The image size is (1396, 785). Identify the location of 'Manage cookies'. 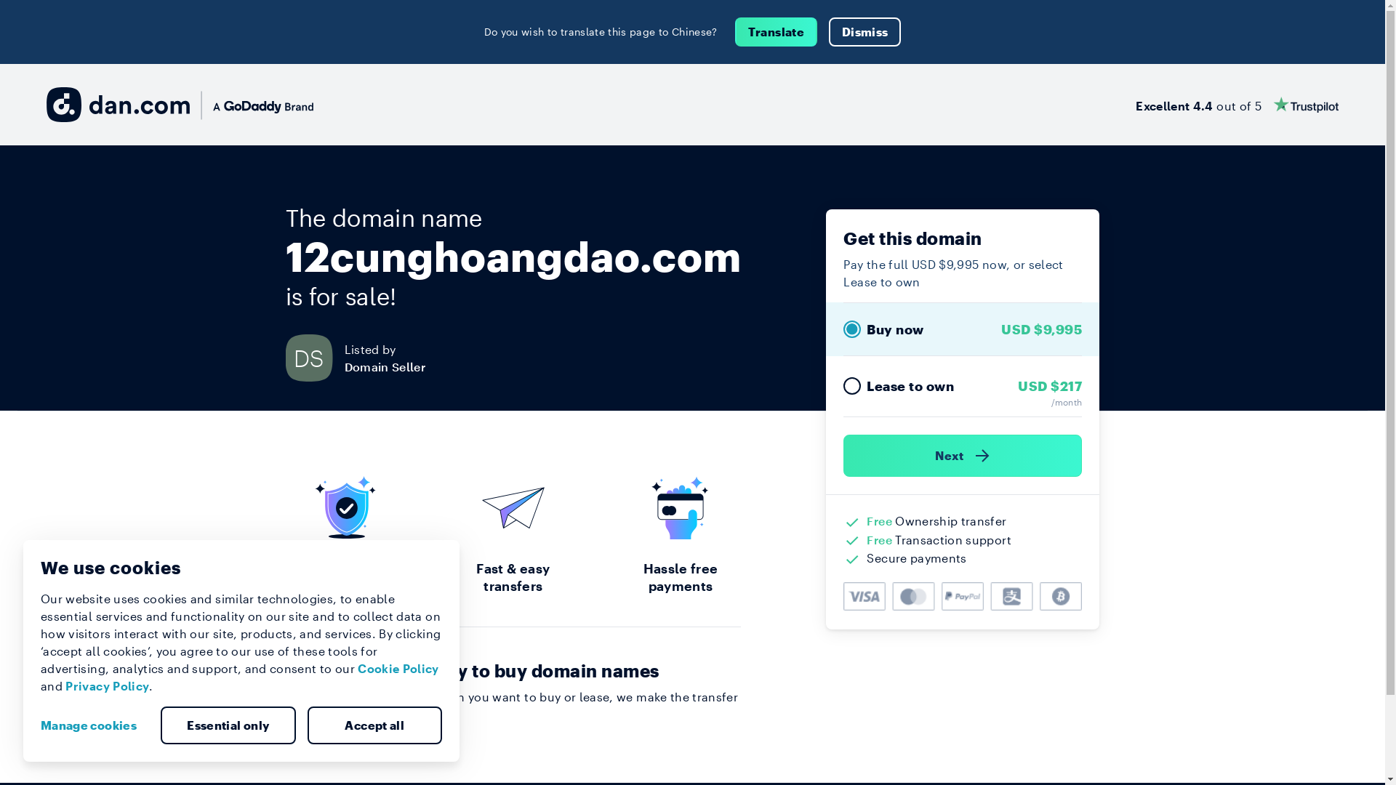
(41, 725).